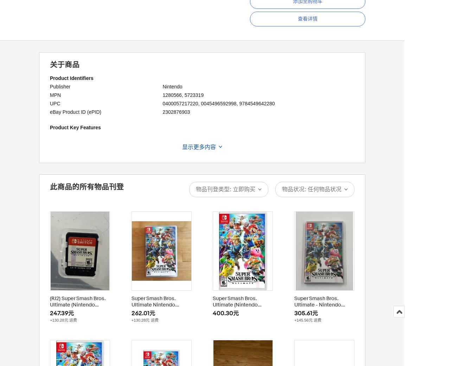  I want to click on 'Nintendo', so click(172, 86).